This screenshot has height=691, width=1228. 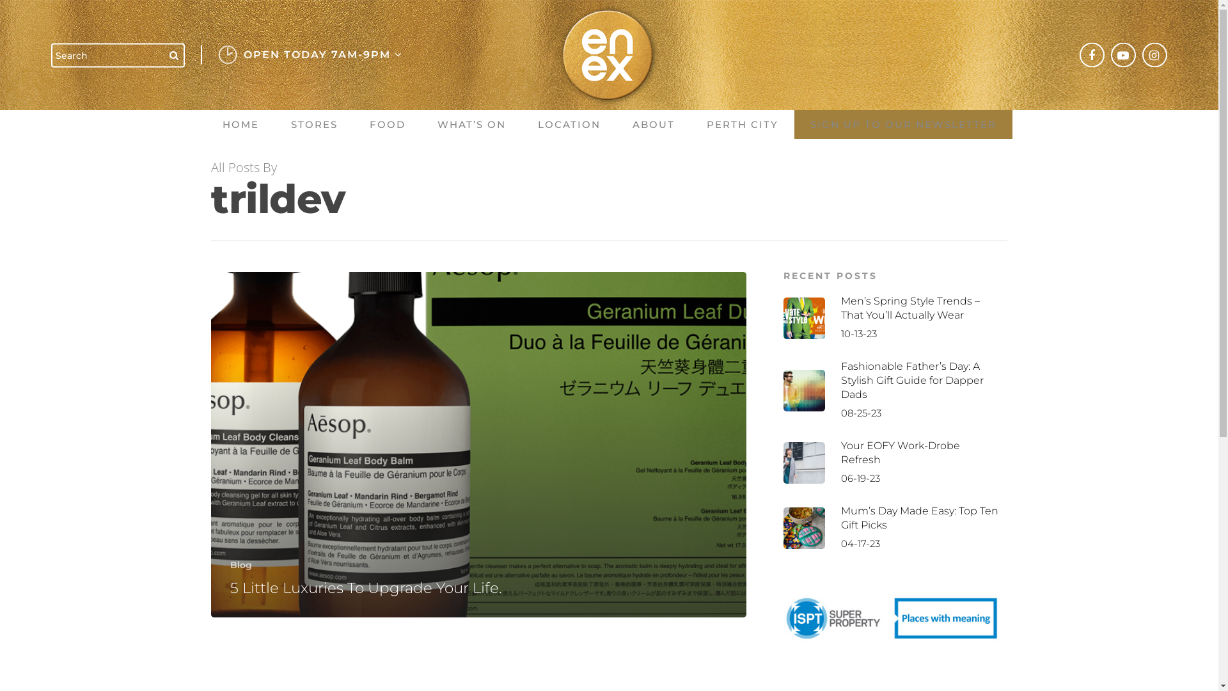 I want to click on 'FOOD', so click(x=386, y=124).